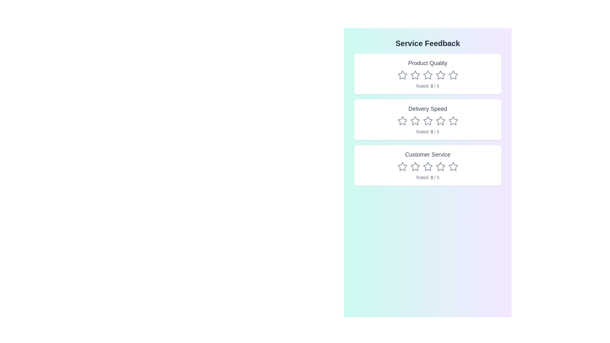 This screenshot has width=610, height=343. I want to click on the rating for the category Customer Service to 2 stars, so click(415, 166).